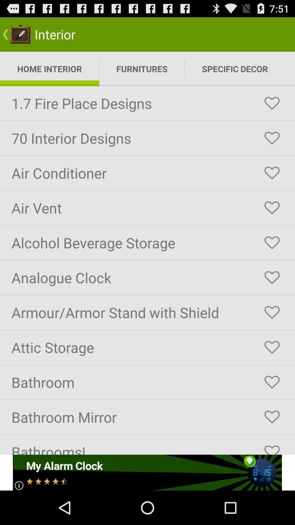 The image size is (295, 525). What do you see at coordinates (272, 278) in the screenshot?
I see `to favorite` at bounding box center [272, 278].